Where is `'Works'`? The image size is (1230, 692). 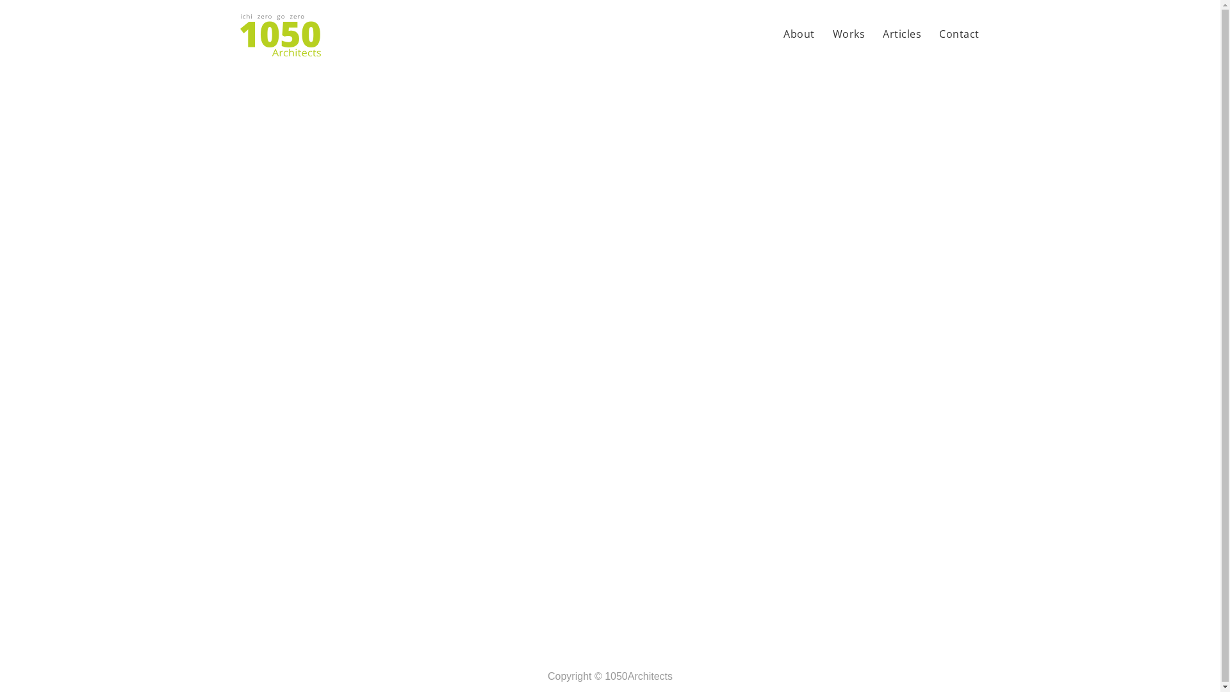
'Works' is located at coordinates (849, 35).